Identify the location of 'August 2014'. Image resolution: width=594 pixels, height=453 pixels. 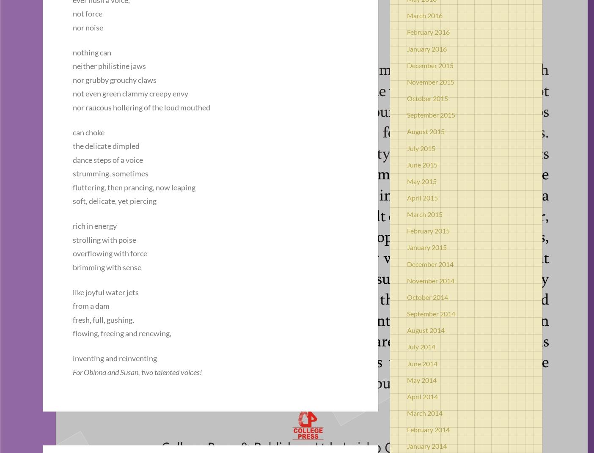
(426, 329).